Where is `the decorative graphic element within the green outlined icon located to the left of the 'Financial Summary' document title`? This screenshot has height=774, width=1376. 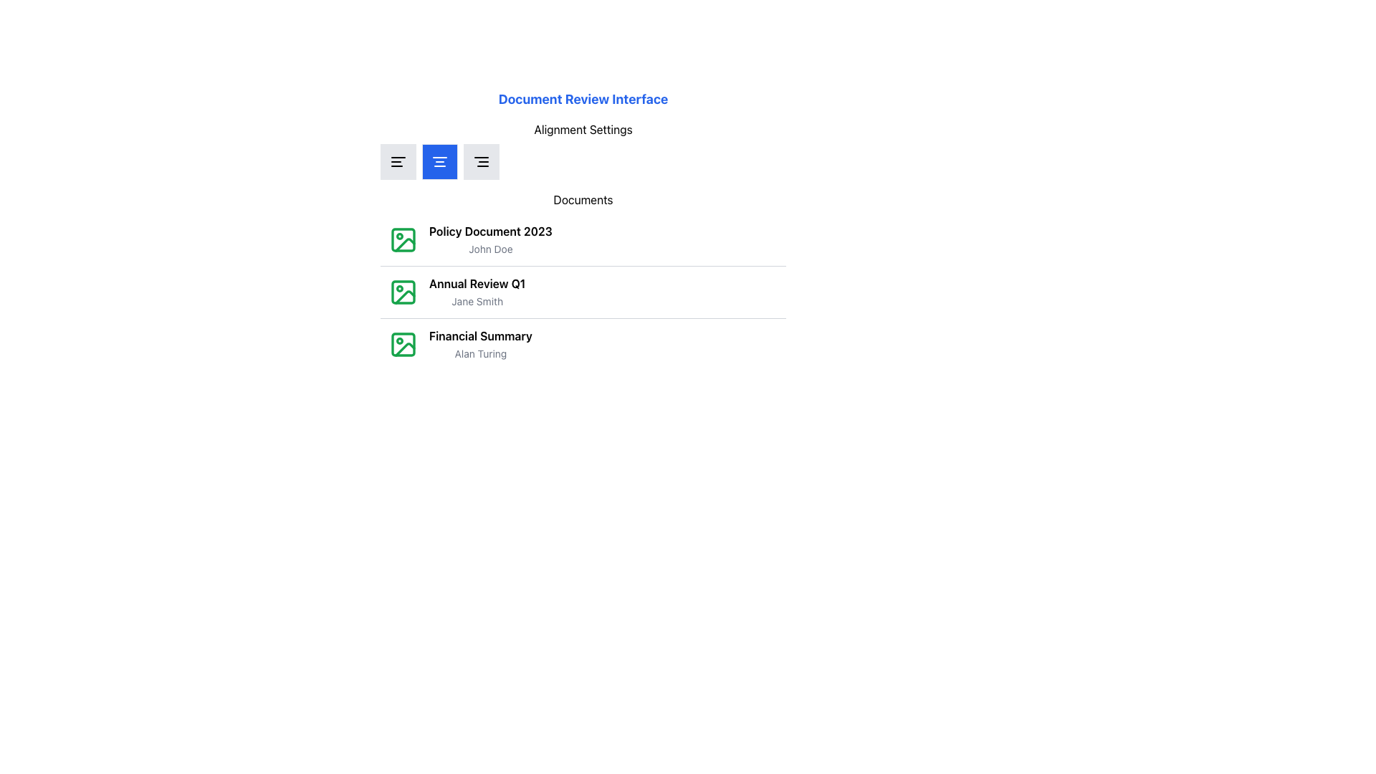 the decorative graphic element within the green outlined icon located to the left of the 'Financial Summary' document title is located at coordinates (402, 345).